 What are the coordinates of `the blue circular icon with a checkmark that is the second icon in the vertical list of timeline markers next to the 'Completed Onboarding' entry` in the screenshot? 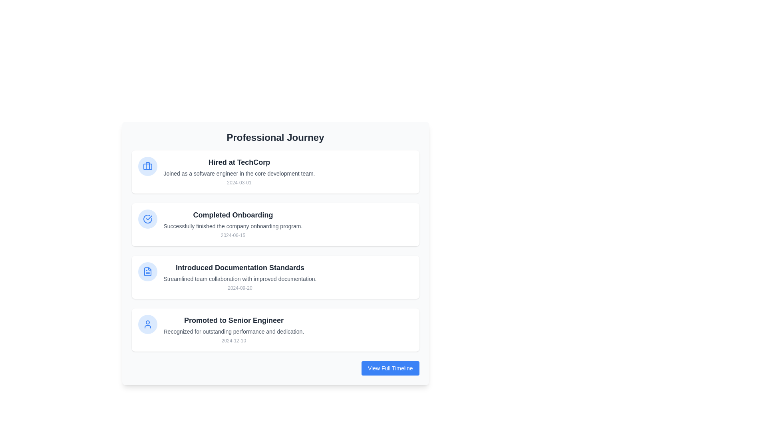 It's located at (147, 219).